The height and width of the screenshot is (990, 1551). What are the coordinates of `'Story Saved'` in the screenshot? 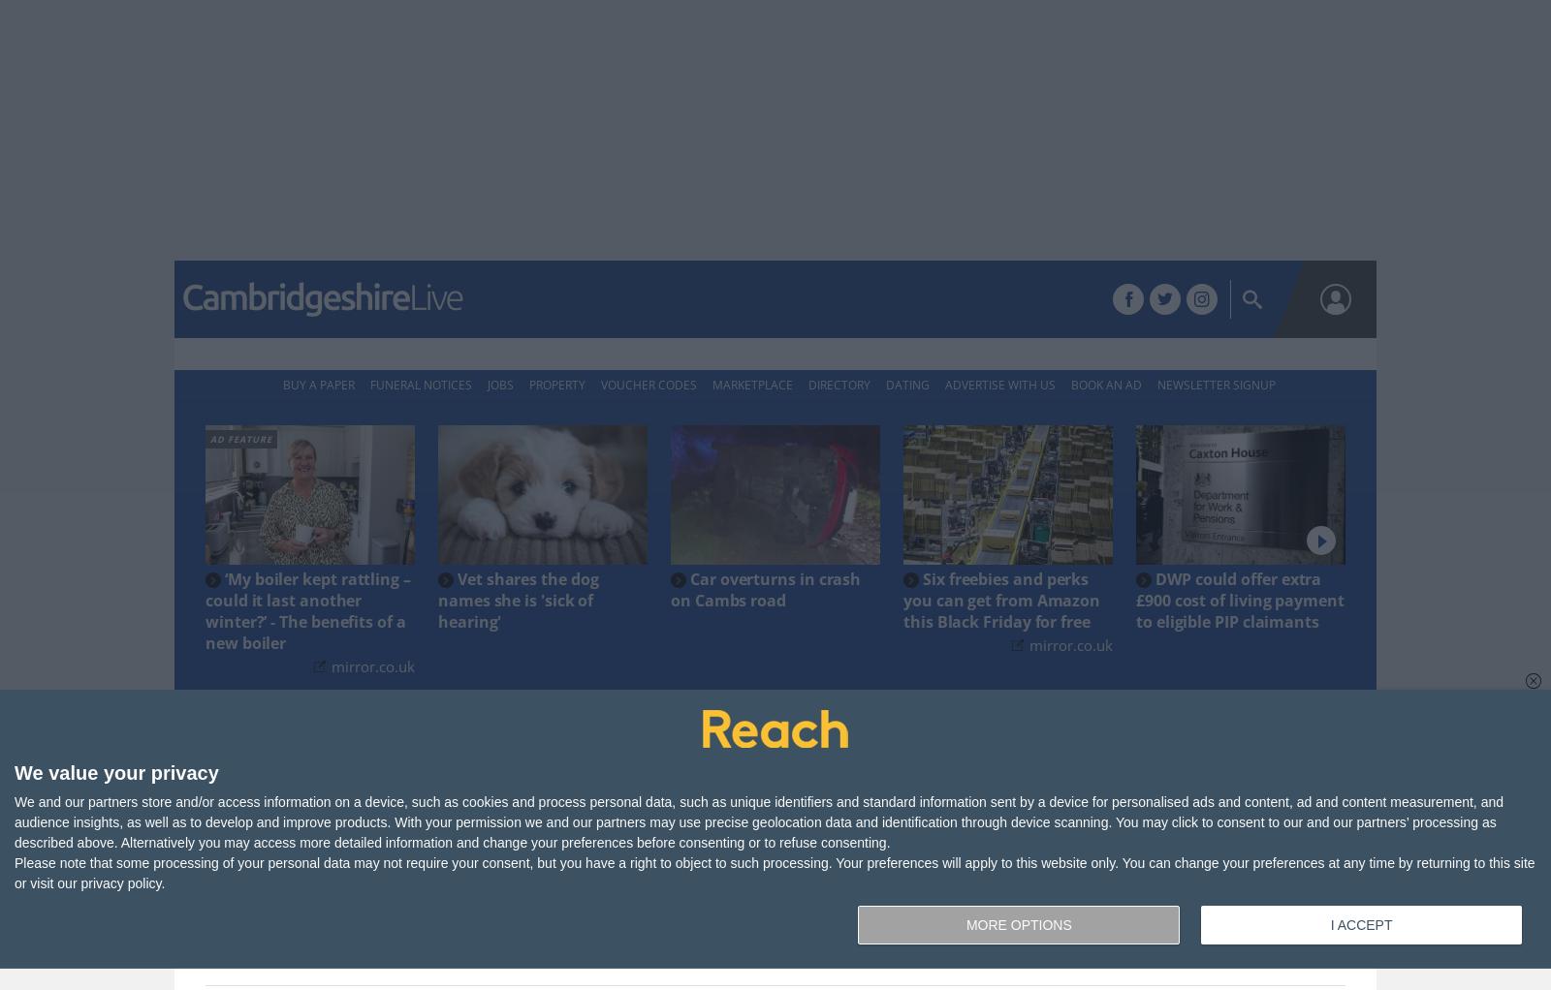 It's located at (659, 834).